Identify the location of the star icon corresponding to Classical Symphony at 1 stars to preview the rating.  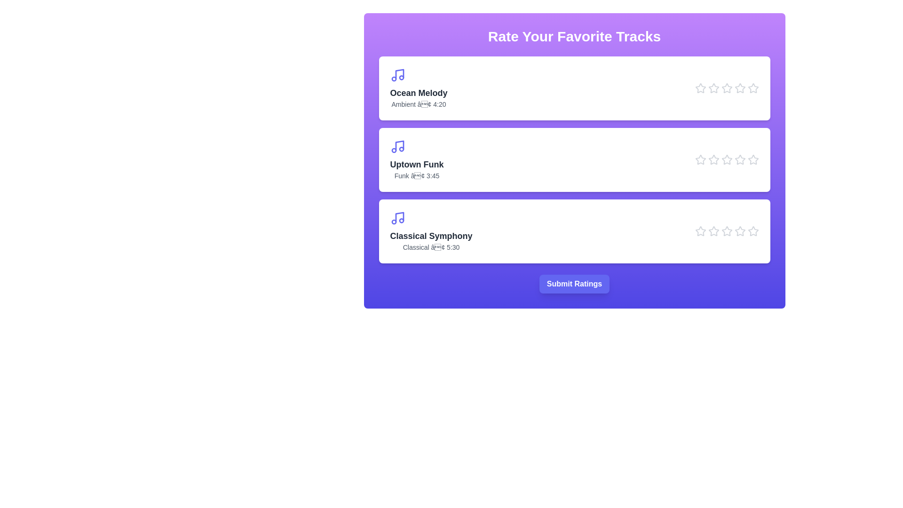
(700, 231).